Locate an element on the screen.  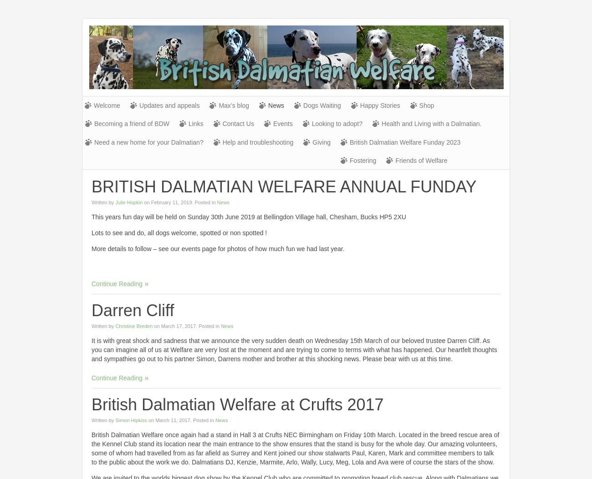
'BRITISH DALMATIAN WELFARE ANNUAL FUNDAY' is located at coordinates (284, 187).